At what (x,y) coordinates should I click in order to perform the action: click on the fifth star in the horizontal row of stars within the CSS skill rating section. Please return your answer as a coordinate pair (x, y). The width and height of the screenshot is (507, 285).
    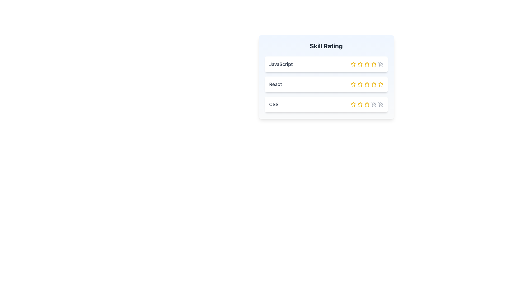
    Looking at the image, I should click on (381, 104).